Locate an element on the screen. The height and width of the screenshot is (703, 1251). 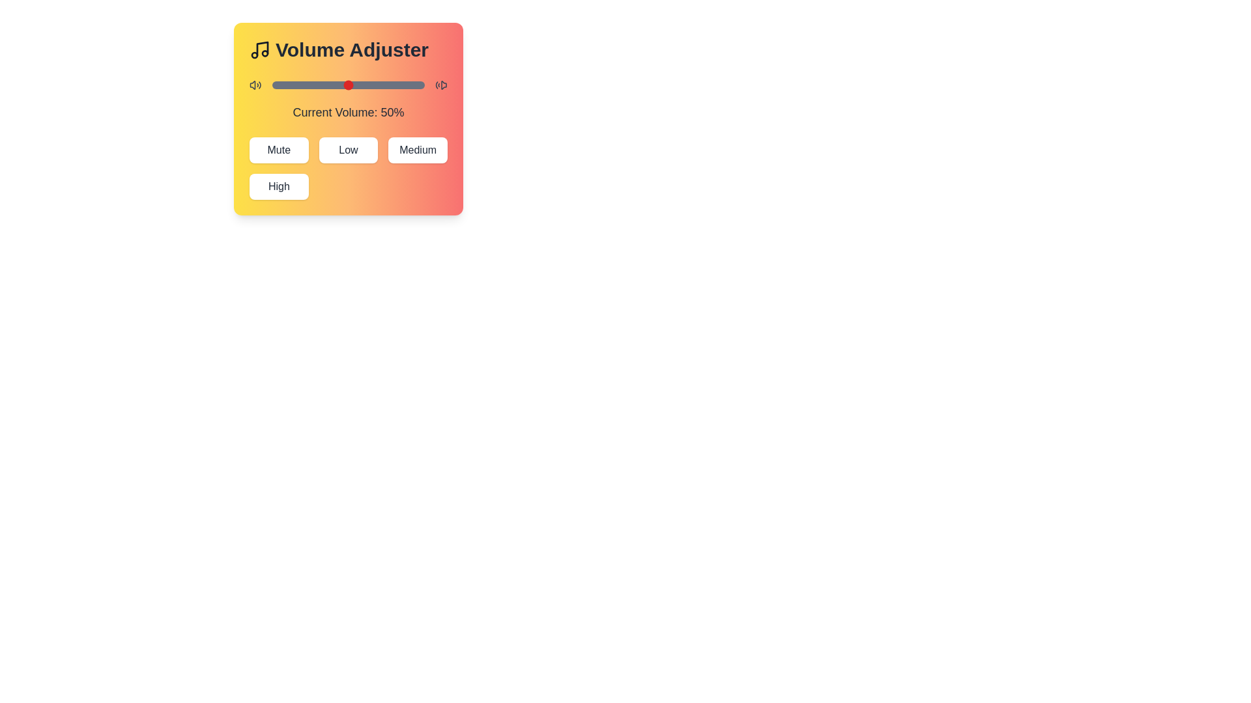
the decorative icon volume_symbol_right is located at coordinates (441, 85).